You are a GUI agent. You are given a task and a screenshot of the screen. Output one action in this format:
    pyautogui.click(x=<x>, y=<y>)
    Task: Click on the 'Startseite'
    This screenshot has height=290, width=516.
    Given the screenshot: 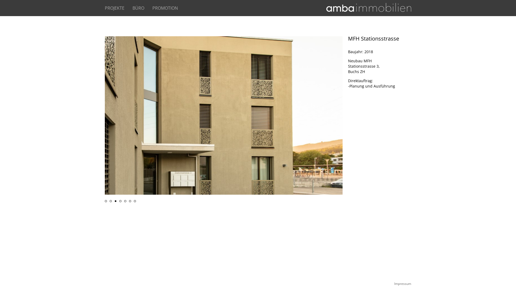 What is the action you would take?
    pyautogui.click(x=368, y=8)
    